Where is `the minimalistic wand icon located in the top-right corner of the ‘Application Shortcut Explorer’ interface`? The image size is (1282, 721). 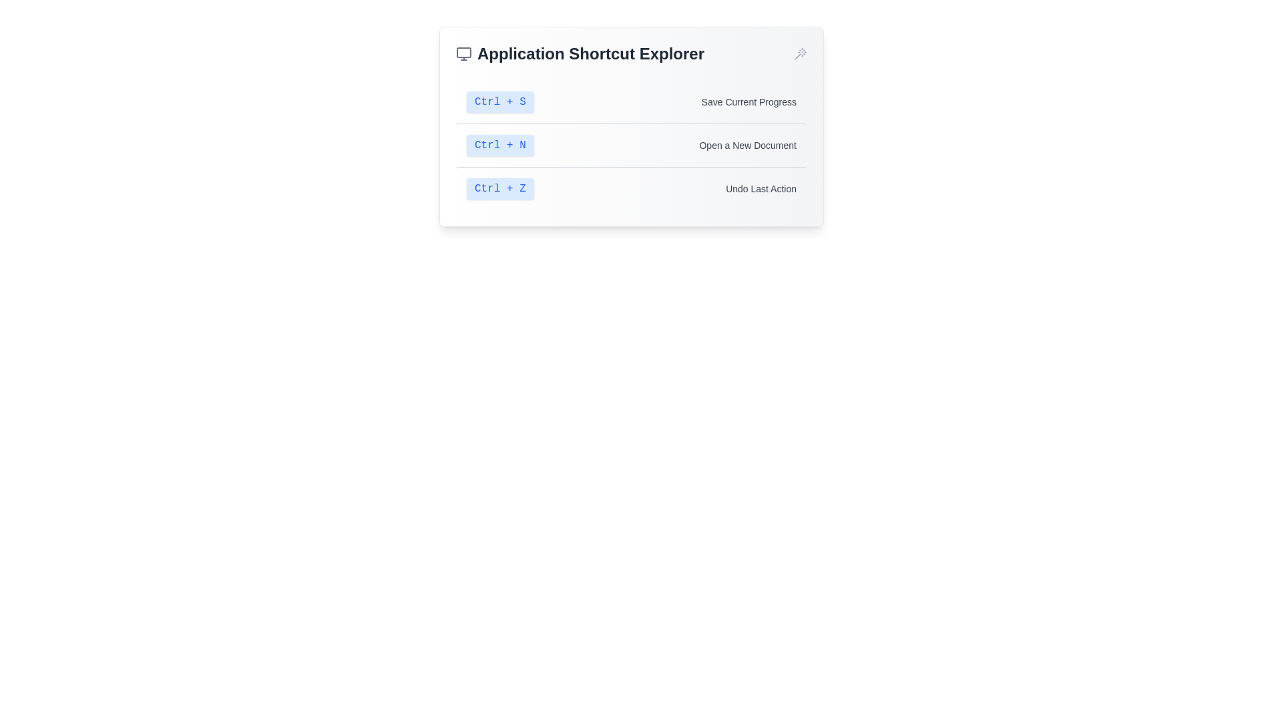
the minimalistic wand icon located in the top-right corner of the ‘Application Shortcut Explorer’ interface is located at coordinates (801, 53).